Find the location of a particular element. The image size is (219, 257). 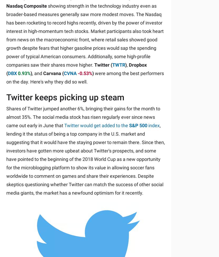

'© 1995 - 2023 The Motley Fool. All rights reserved.' is located at coordinates (35, 75).